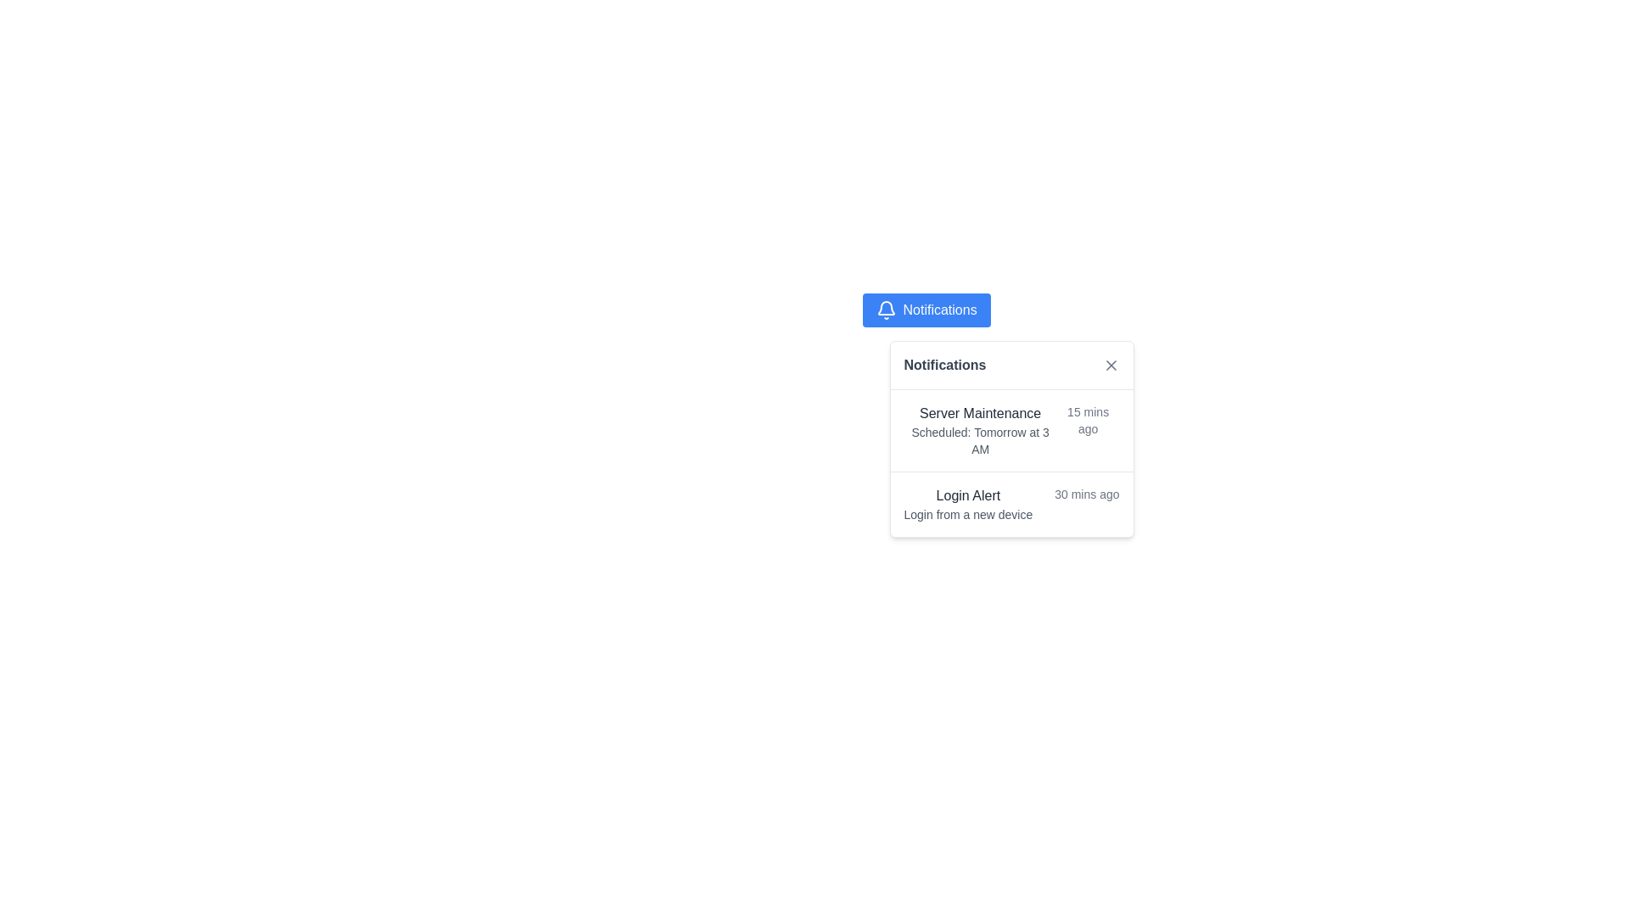 The image size is (1629, 916). Describe the element at coordinates (1088, 420) in the screenshot. I see `text from the text label displaying '15 mins ago', which is located at the top-right section of the 'Server Maintenance' notification row, styled in a small gray font` at that location.